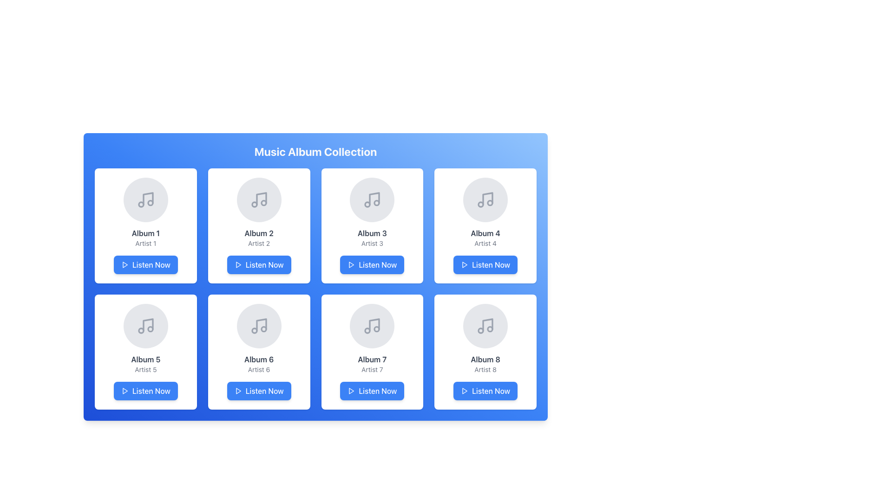 This screenshot has height=501, width=892. What do you see at coordinates (145, 199) in the screenshot?
I see `the small gray musical note icon located in the top-left corner of the first album card titled 'Album 1' by 'Artist 1'` at bounding box center [145, 199].